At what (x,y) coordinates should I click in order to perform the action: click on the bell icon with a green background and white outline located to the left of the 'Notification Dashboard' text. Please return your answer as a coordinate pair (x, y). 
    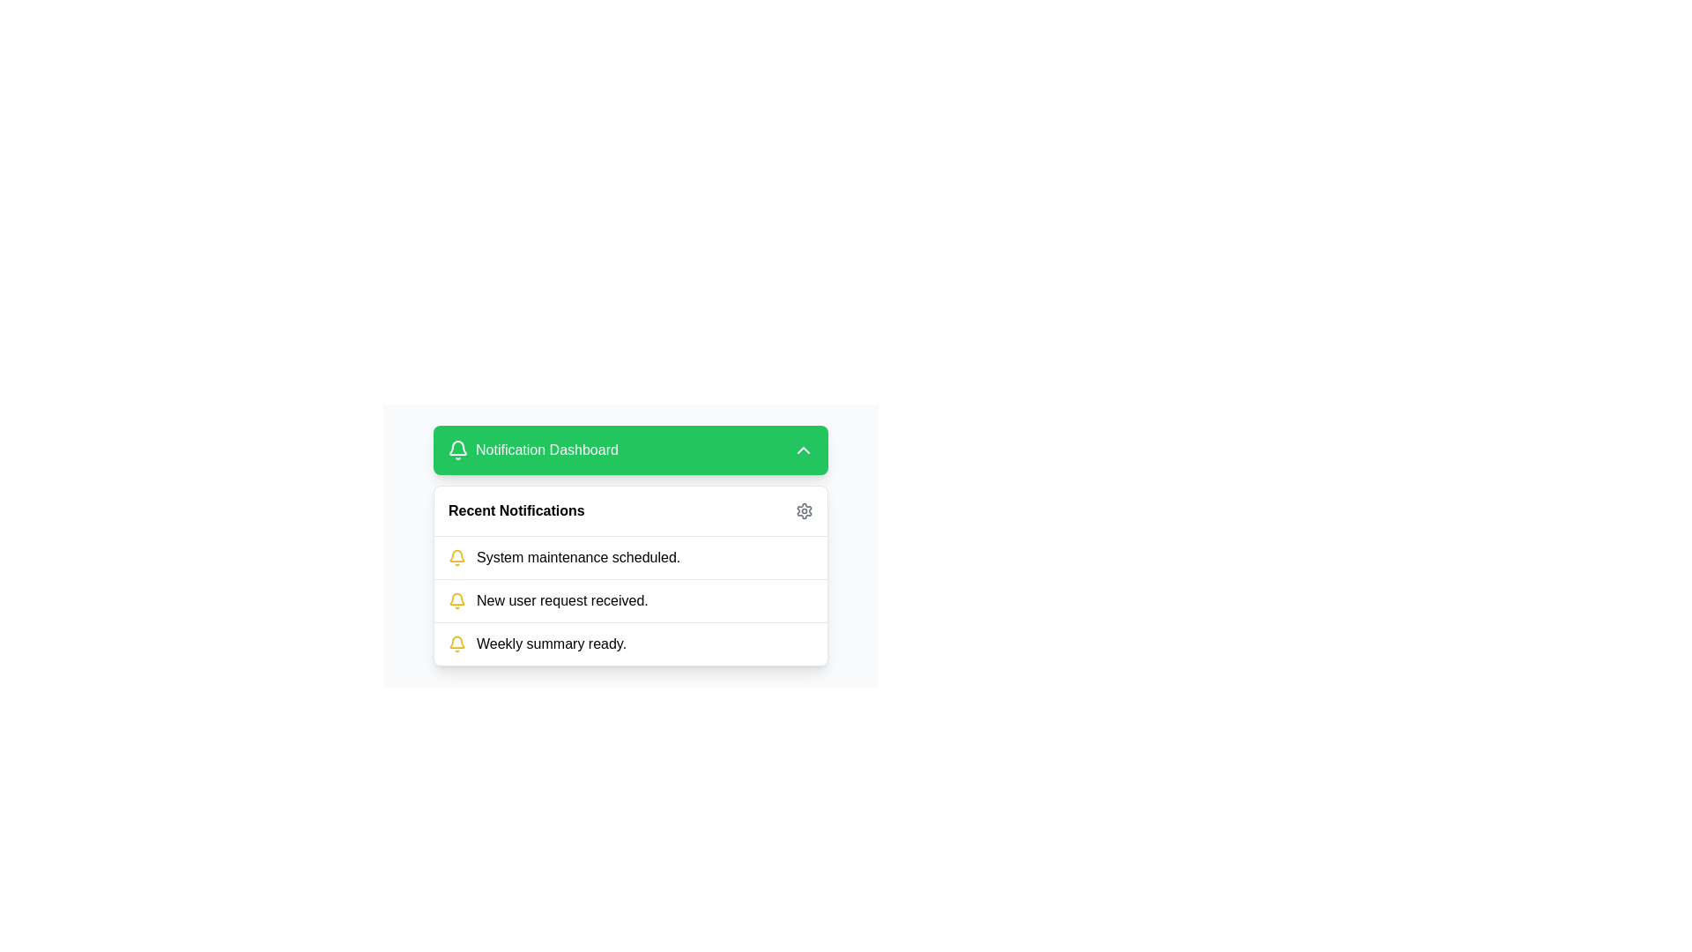
    Looking at the image, I should click on (457, 449).